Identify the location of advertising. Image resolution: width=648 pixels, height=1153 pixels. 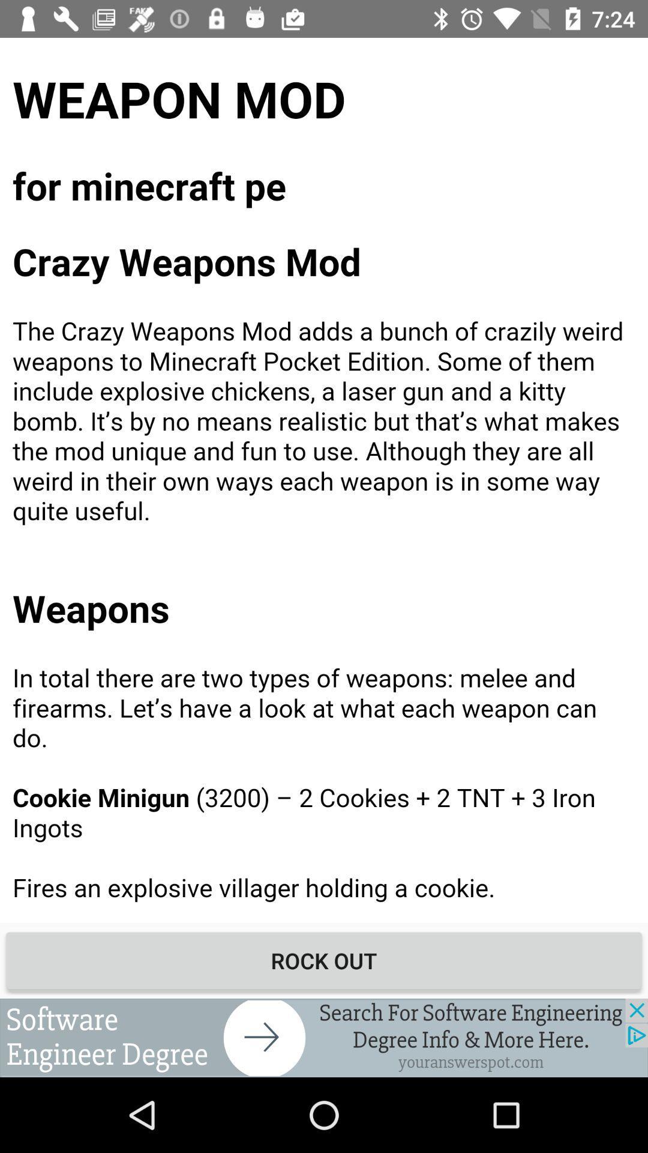
(324, 1037).